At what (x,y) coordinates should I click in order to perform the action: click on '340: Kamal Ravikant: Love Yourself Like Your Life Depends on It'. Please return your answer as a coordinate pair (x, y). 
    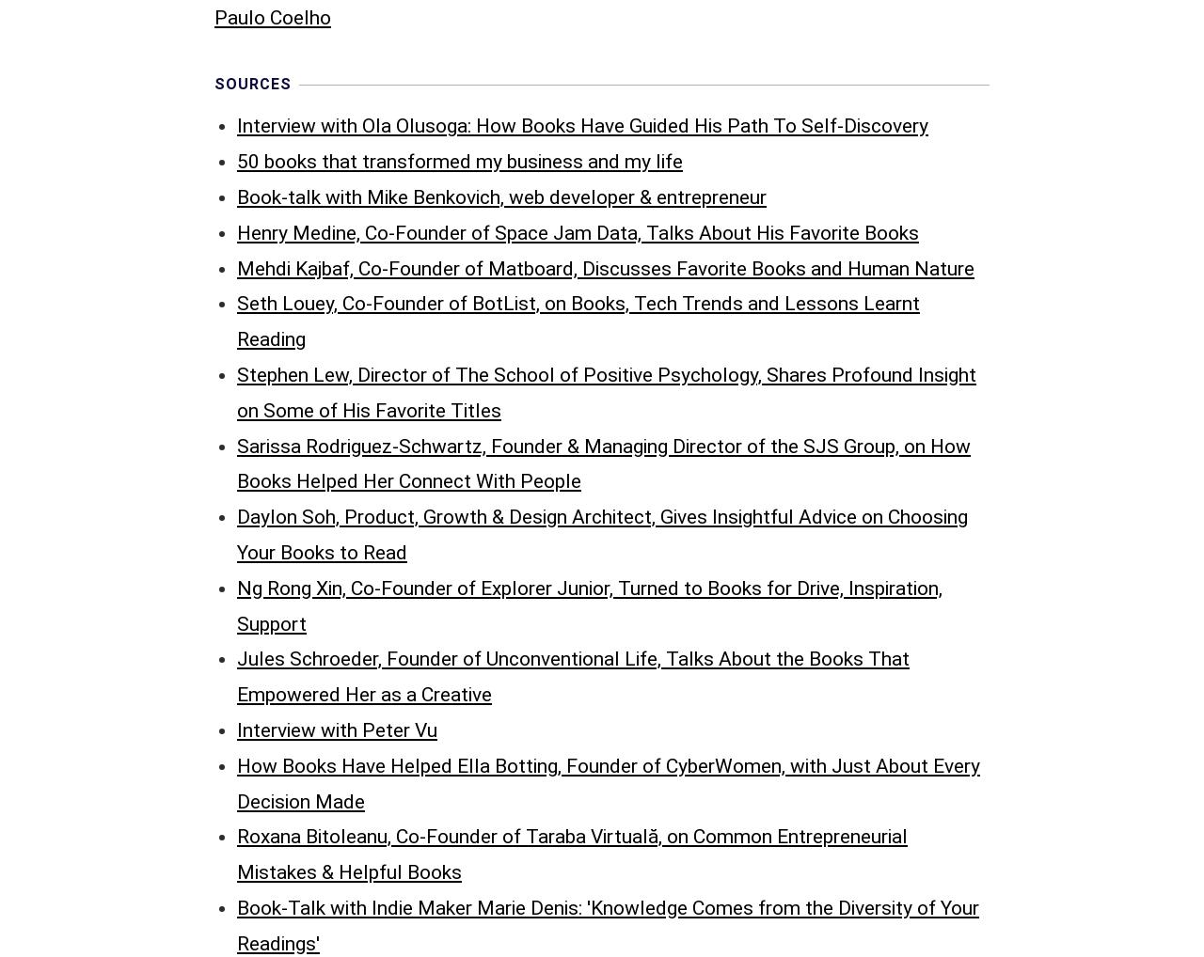
    Looking at the image, I should click on (512, 587).